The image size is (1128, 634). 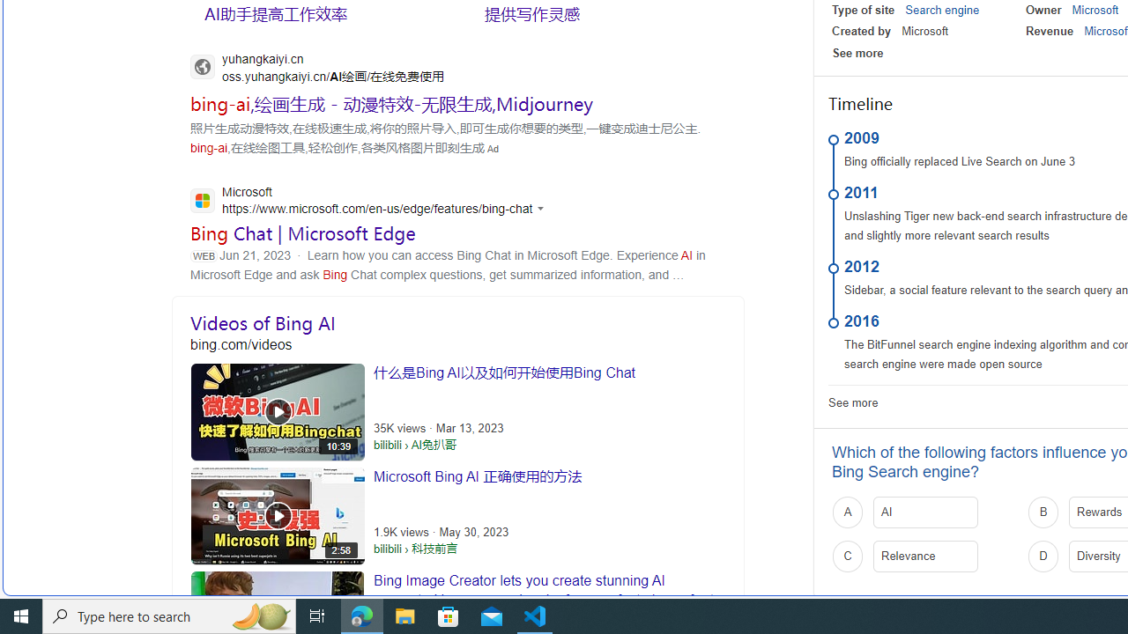 I want to click on 'Bing officially replaced Live Search on June 3', so click(x=959, y=161).